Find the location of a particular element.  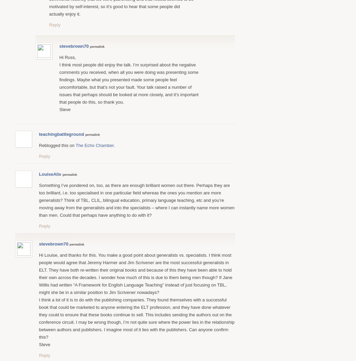

'Hi Russ,' is located at coordinates (67, 57).